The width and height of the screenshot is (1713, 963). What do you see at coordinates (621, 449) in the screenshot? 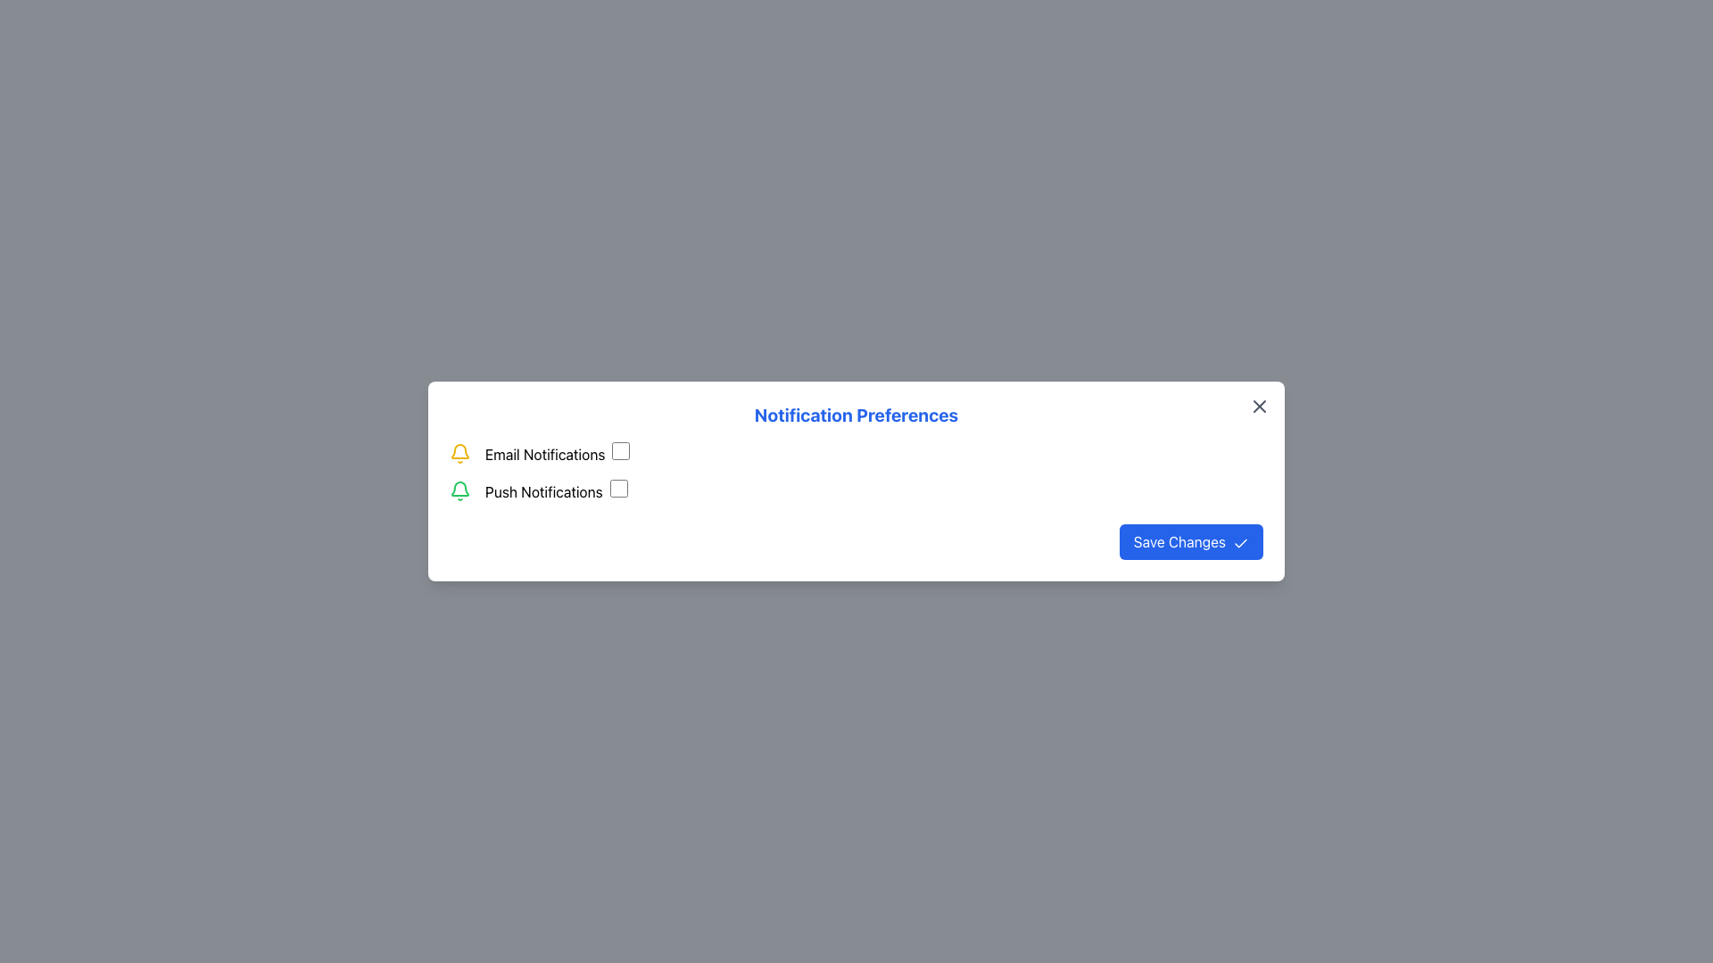
I see `the checkbox located to the right of the 'Email Notifications' text in the 'Notification Preferences' section` at bounding box center [621, 449].